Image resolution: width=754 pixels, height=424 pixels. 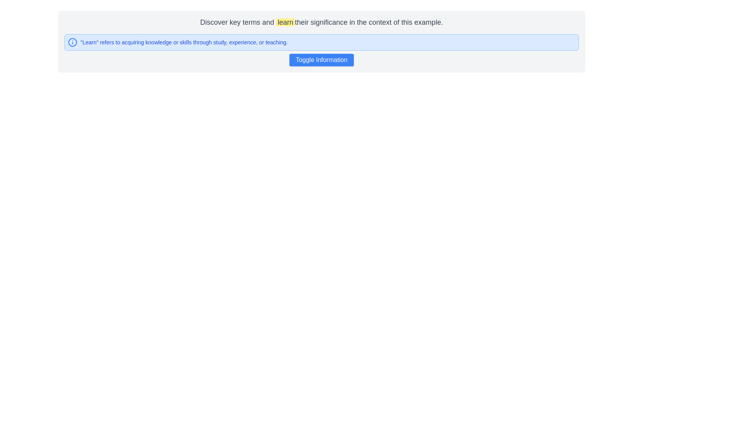 I want to click on the 'Toggle Information' button located below the main heading within the informational panel, so click(x=322, y=50).